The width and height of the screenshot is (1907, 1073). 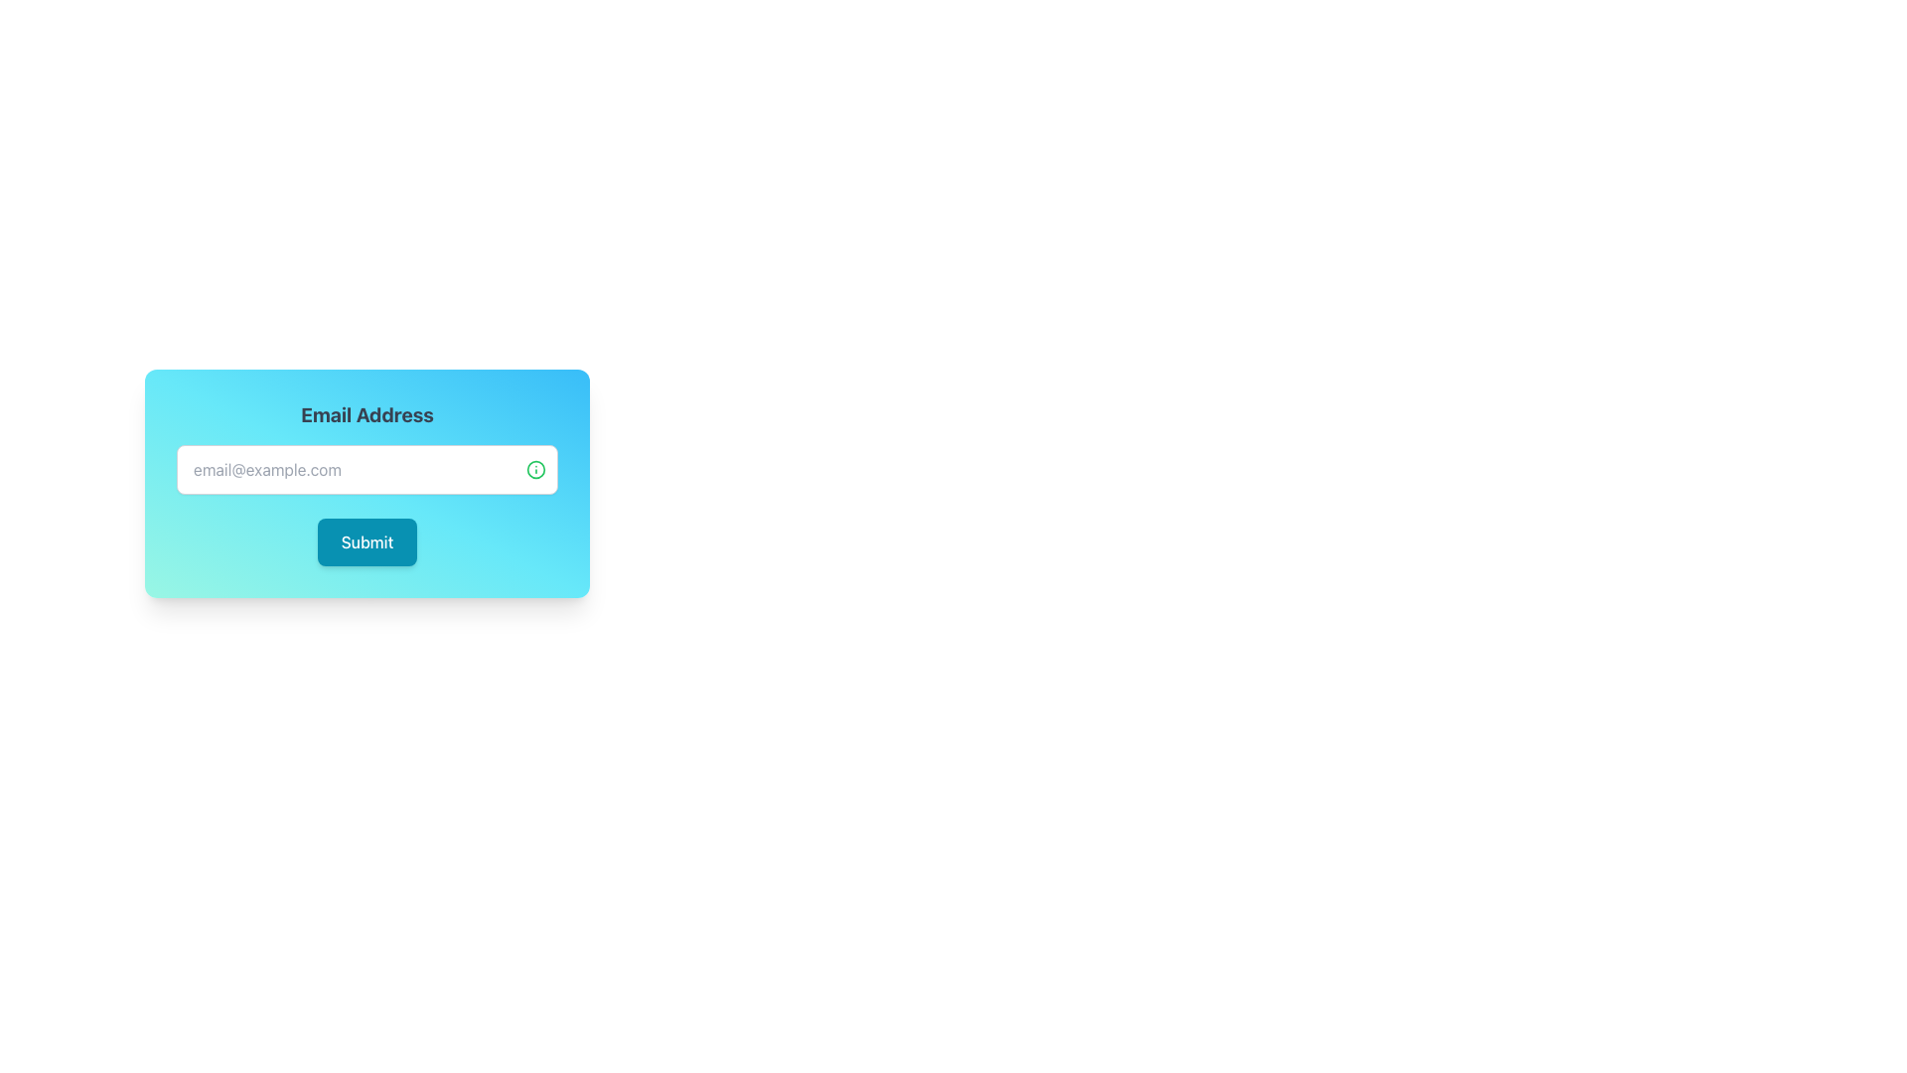 I want to click on the 'Submit' button, so click(x=367, y=542).